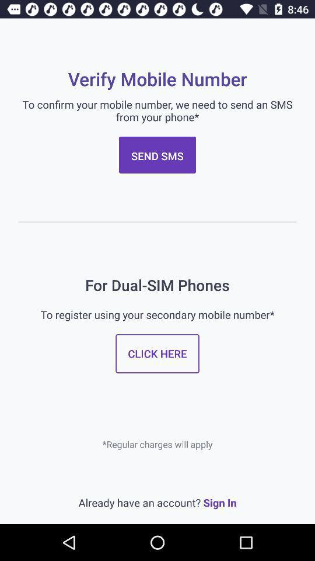 The width and height of the screenshot is (315, 561). What do you see at coordinates (157, 353) in the screenshot?
I see `the item above regular charges will item` at bounding box center [157, 353].